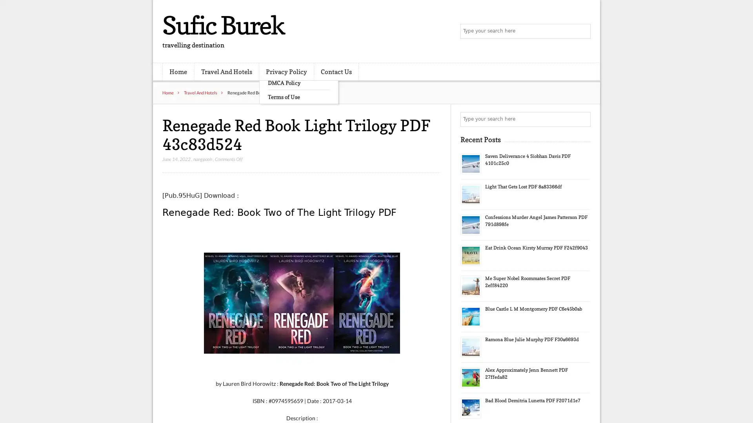 The width and height of the screenshot is (753, 423). Describe the element at coordinates (582, 119) in the screenshot. I see `Search` at that location.